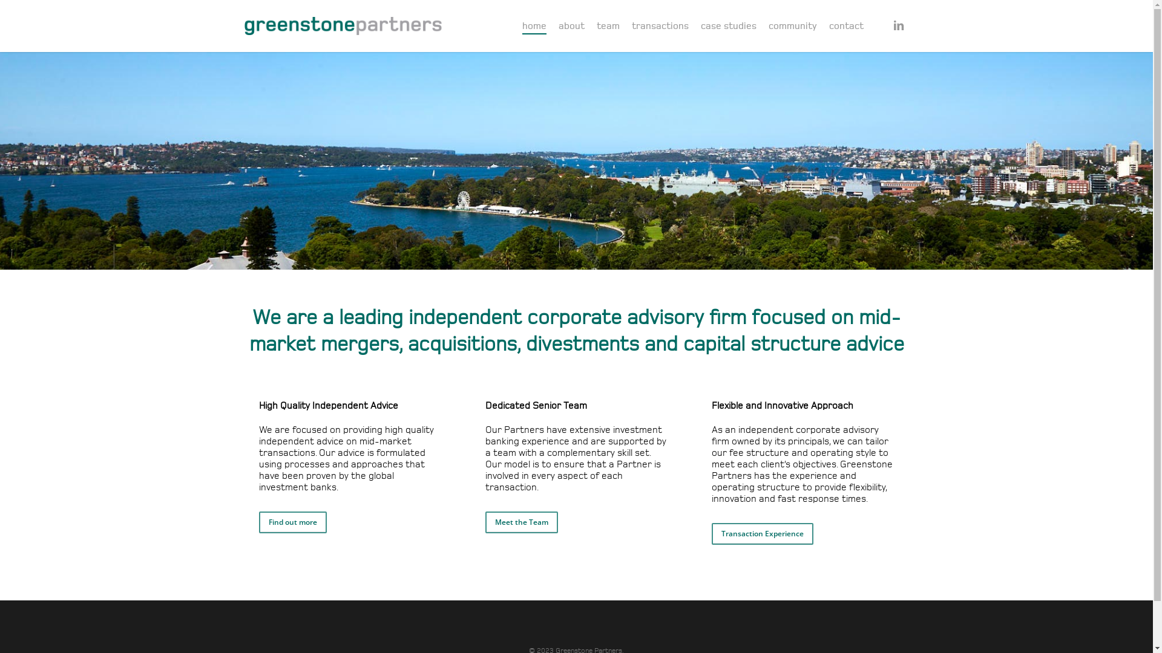 The height and width of the screenshot is (653, 1162). Describe the element at coordinates (845, 25) in the screenshot. I see `'contact'` at that location.